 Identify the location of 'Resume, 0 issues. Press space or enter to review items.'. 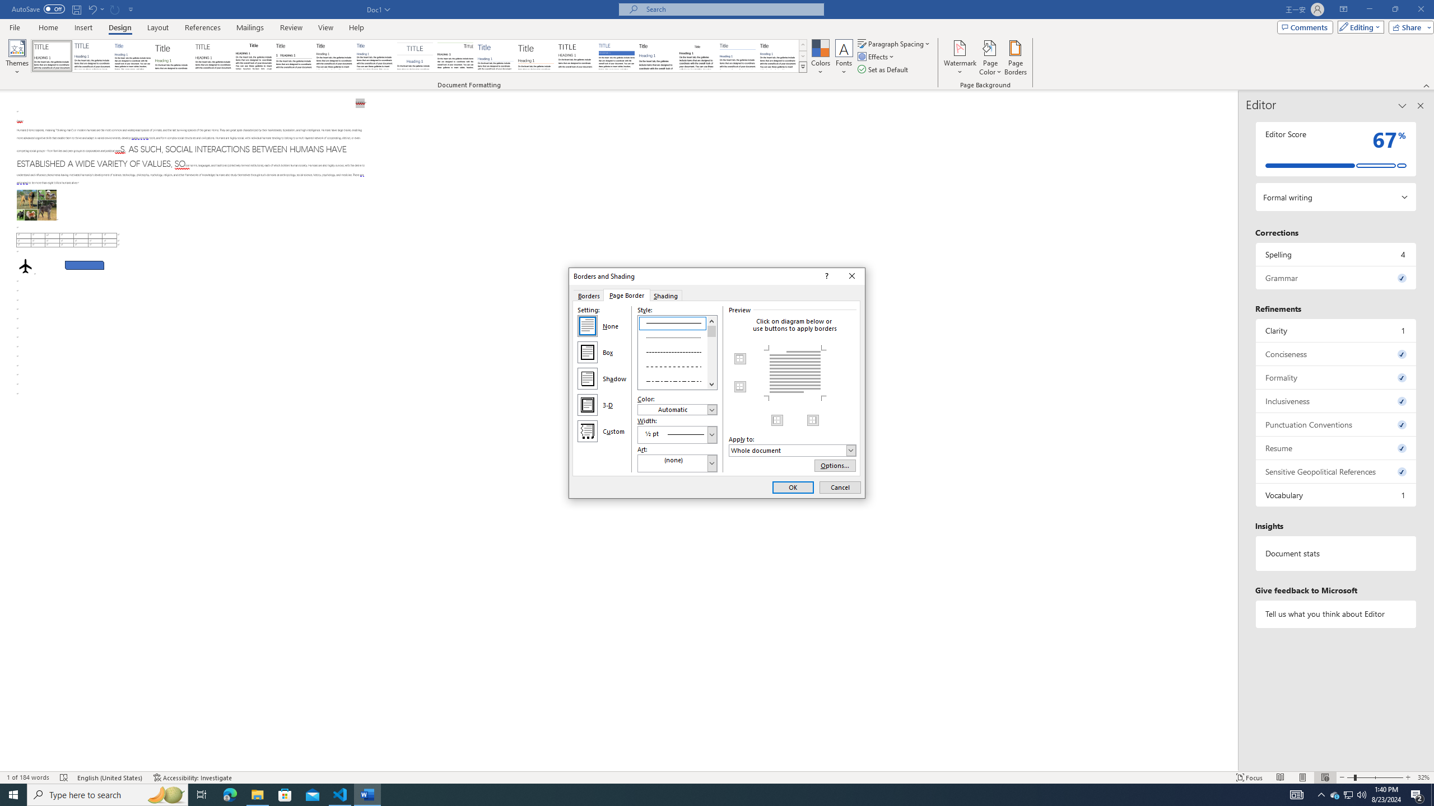
(1335, 448).